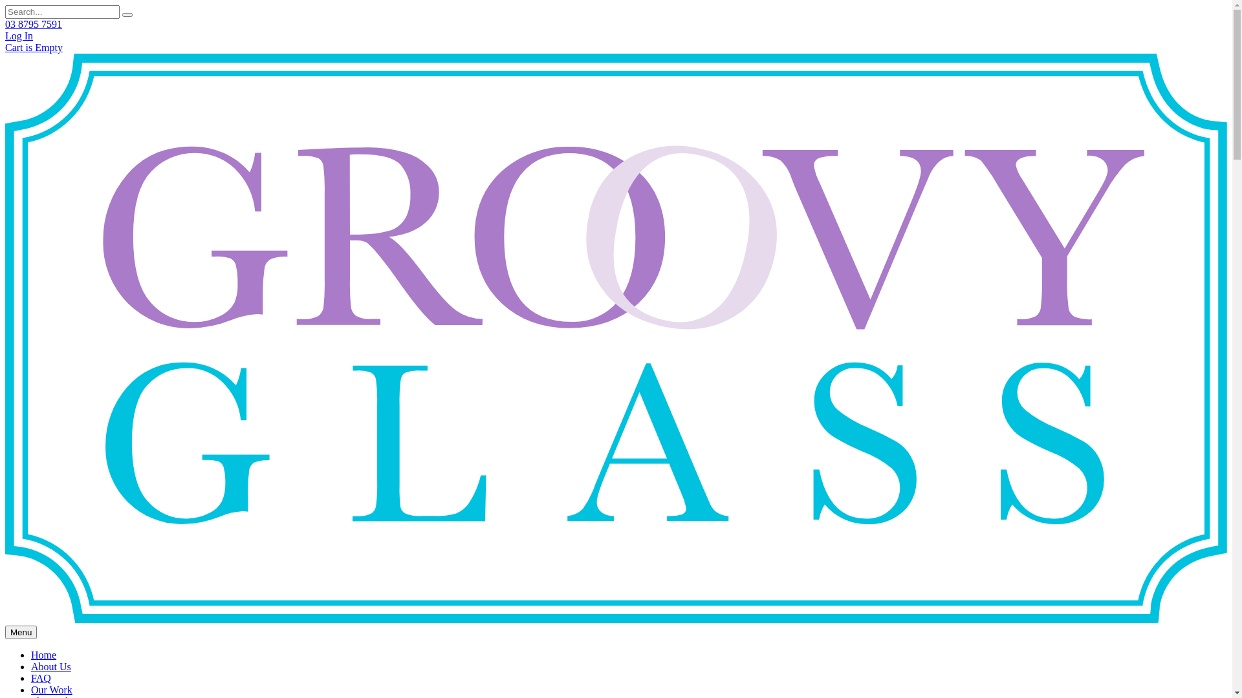 This screenshot has height=698, width=1242. Describe the element at coordinates (43, 655) in the screenshot. I see `'Home'` at that location.